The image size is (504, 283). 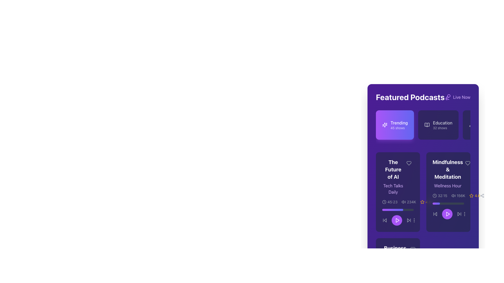 I want to click on the hollow heart icon button located at the top-right corner of the 'Mindfulness & Meditation' card to mark it as favorite, so click(x=468, y=163).